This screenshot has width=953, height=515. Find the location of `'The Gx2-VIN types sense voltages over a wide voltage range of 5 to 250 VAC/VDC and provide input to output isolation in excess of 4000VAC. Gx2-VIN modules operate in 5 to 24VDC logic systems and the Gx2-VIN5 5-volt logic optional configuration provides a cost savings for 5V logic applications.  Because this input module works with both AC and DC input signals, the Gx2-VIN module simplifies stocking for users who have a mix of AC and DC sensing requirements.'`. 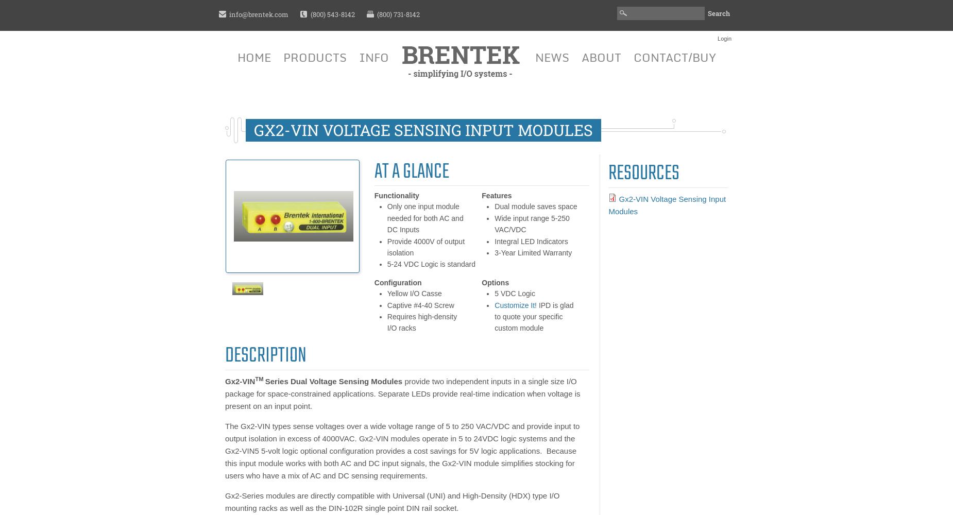

'The Gx2-VIN types sense voltages over a wide voltage range of 5 to 250 VAC/VDC and provide input to output isolation in excess of 4000VAC. Gx2-VIN modules operate in 5 to 24VDC logic systems and the Gx2-VIN5 5-volt logic optional configuration provides a cost savings for 5V logic applications.  Because this input module works with both AC and DC input signals, the Gx2-VIN module simplifies stocking for users who have a mix of AC and DC sensing requirements.' is located at coordinates (224, 450).